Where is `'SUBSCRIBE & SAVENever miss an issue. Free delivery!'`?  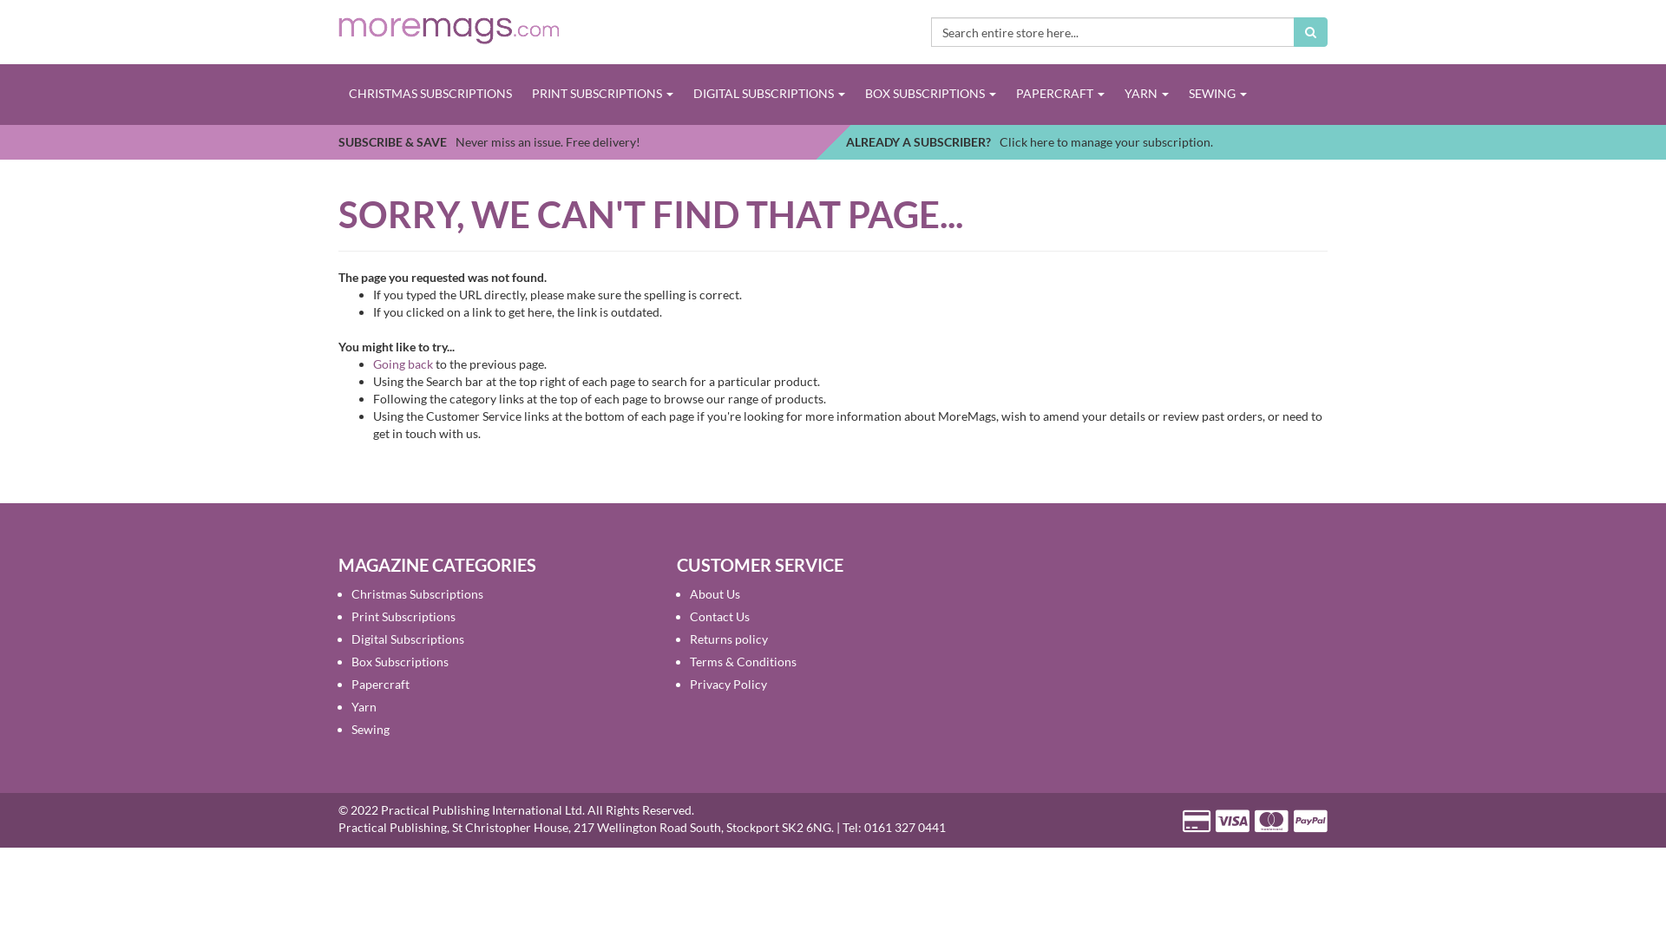
'SUBSCRIBE & SAVENever miss an issue. Free delivery!' is located at coordinates (489, 141).